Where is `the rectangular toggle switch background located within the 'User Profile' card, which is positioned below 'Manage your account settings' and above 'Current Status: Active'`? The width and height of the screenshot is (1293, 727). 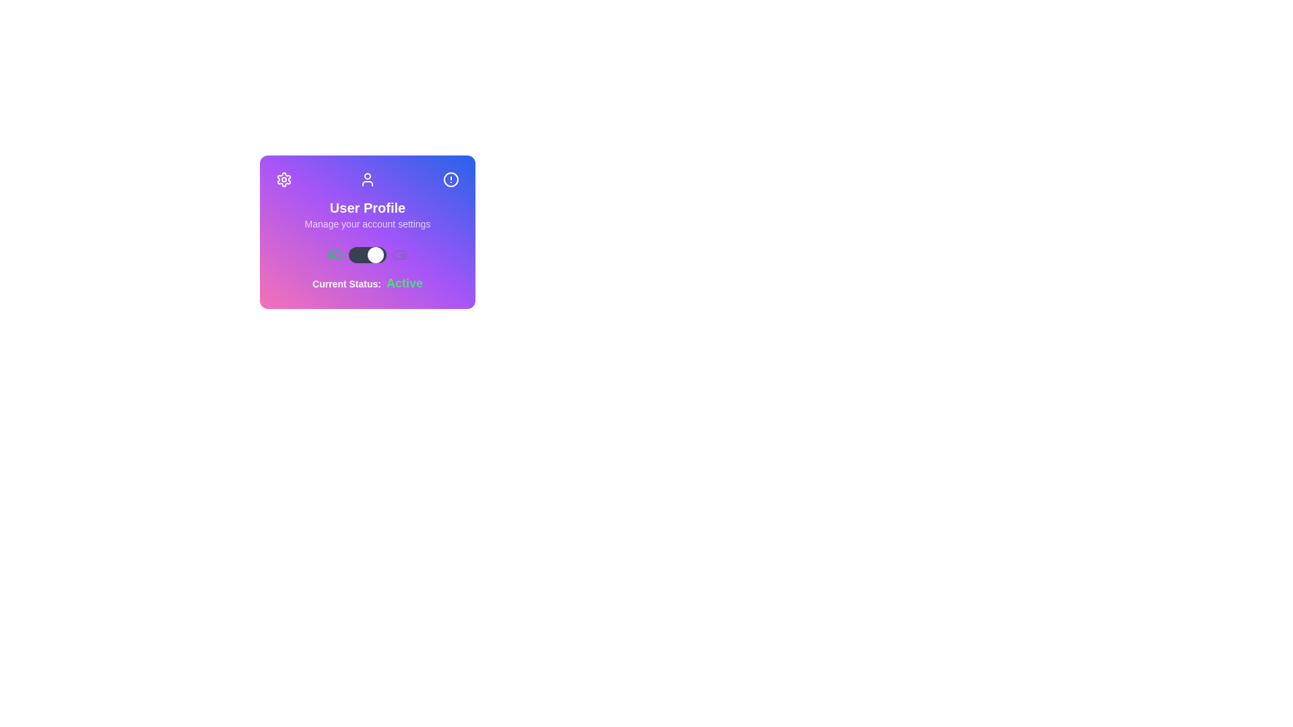
the rectangular toggle switch background located within the 'User Profile' card, which is positioned below 'Manage your account settings' and above 'Current Status: Active' is located at coordinates (335, 254).